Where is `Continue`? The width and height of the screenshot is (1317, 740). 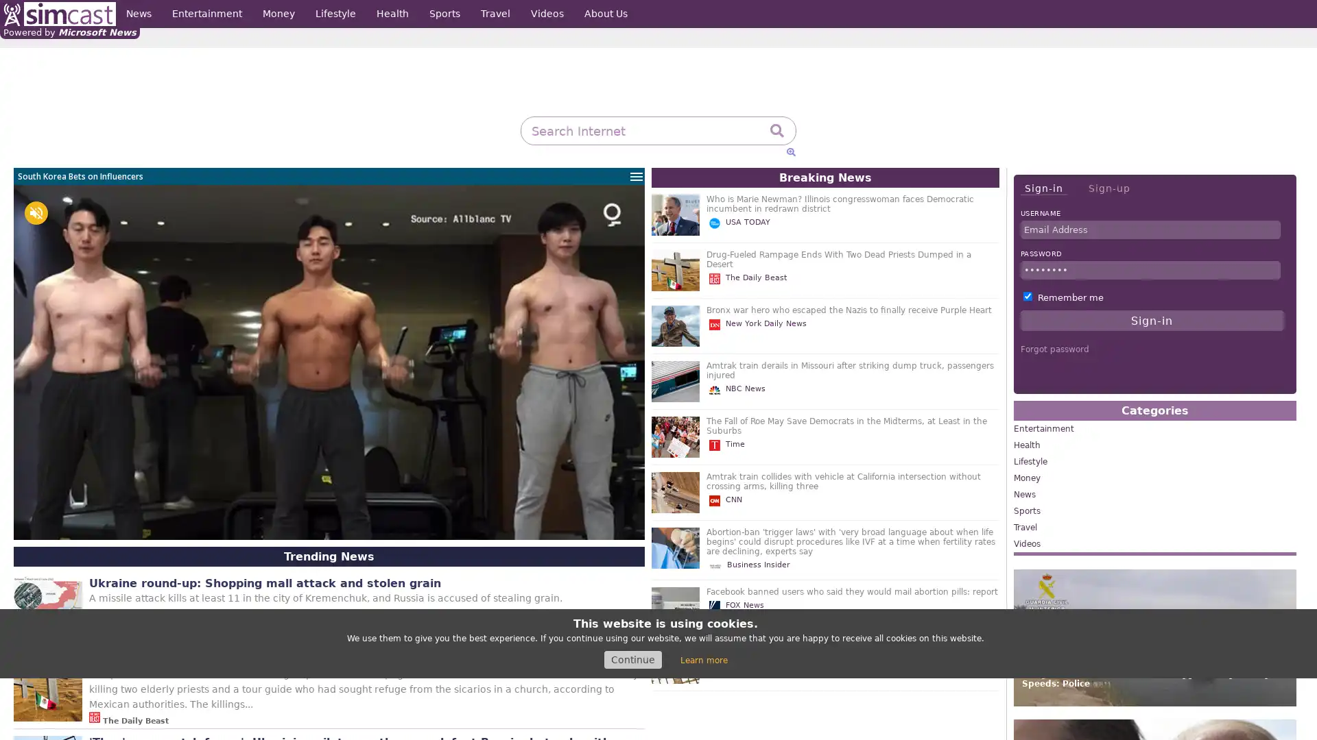 Continue is located at coordinates (632, 659).